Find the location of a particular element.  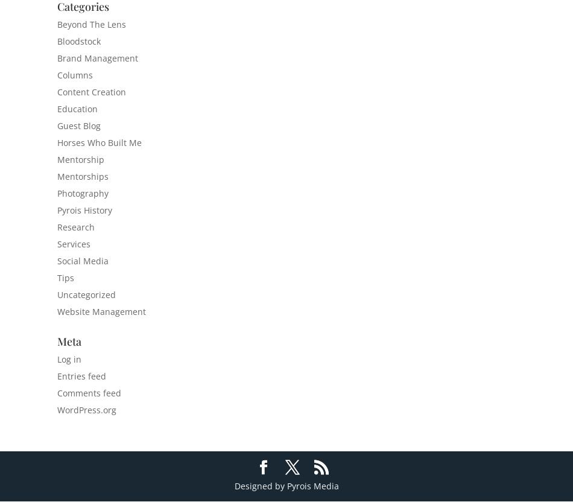

'Photography' is located at coordinates (83, 193).